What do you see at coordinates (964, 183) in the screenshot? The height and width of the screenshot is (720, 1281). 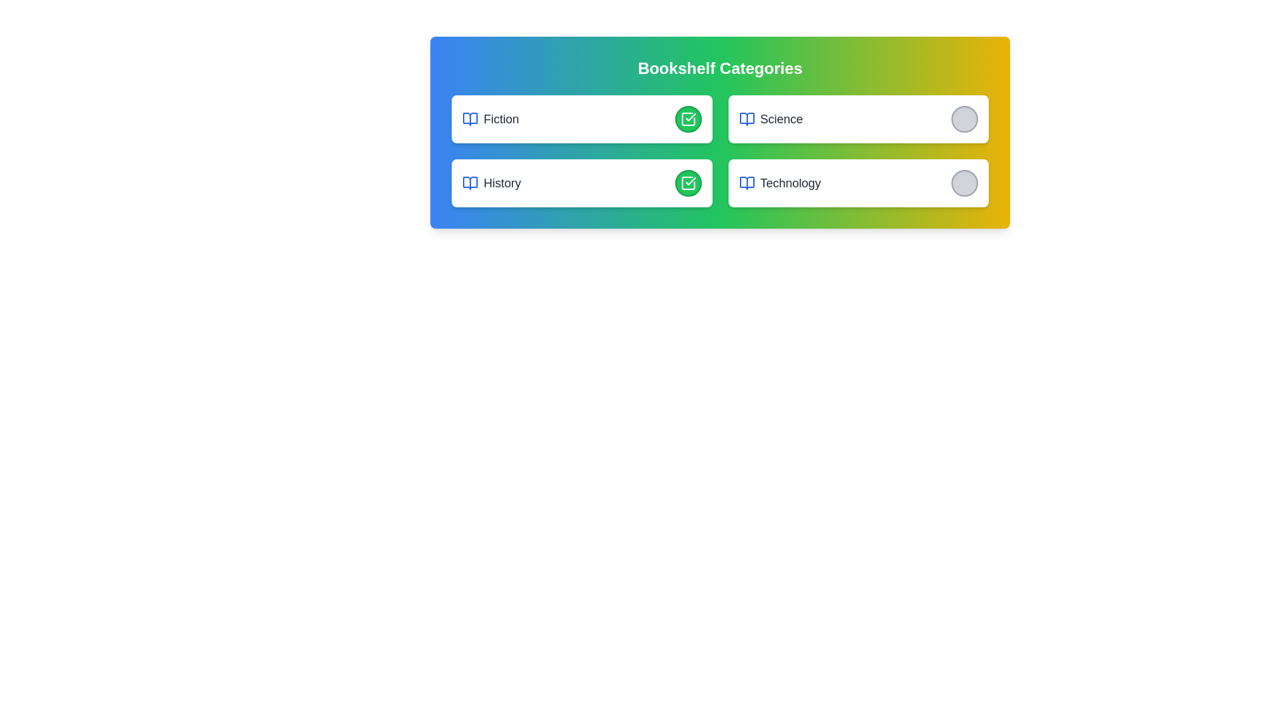 I see `the category Technology by clicking its corresponding button` at bounding box center [964, 183].